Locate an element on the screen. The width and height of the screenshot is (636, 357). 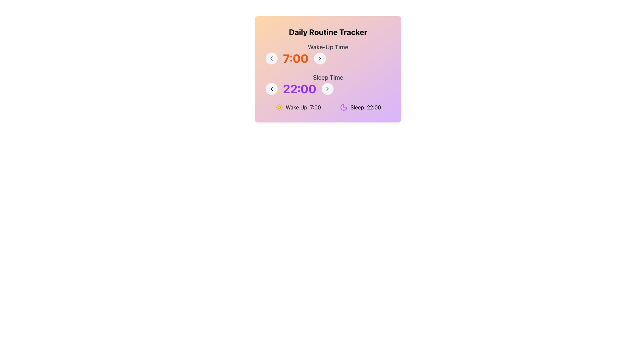
the bold time label reading '22:00' in the 'Sleep Time' section, which is centrally aligned and flanked by two circular buttons is located at coordinates (328, 89).